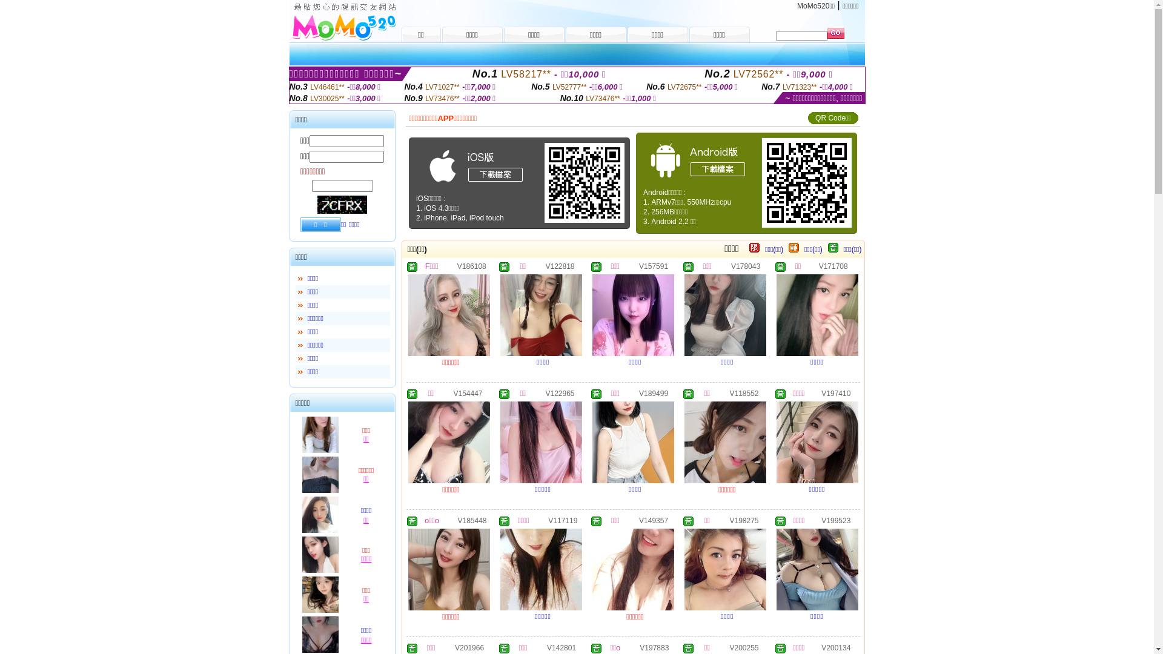  Describe the element at coordinates (744, 265) in the screenshot. I see `'V178043'` at that location.